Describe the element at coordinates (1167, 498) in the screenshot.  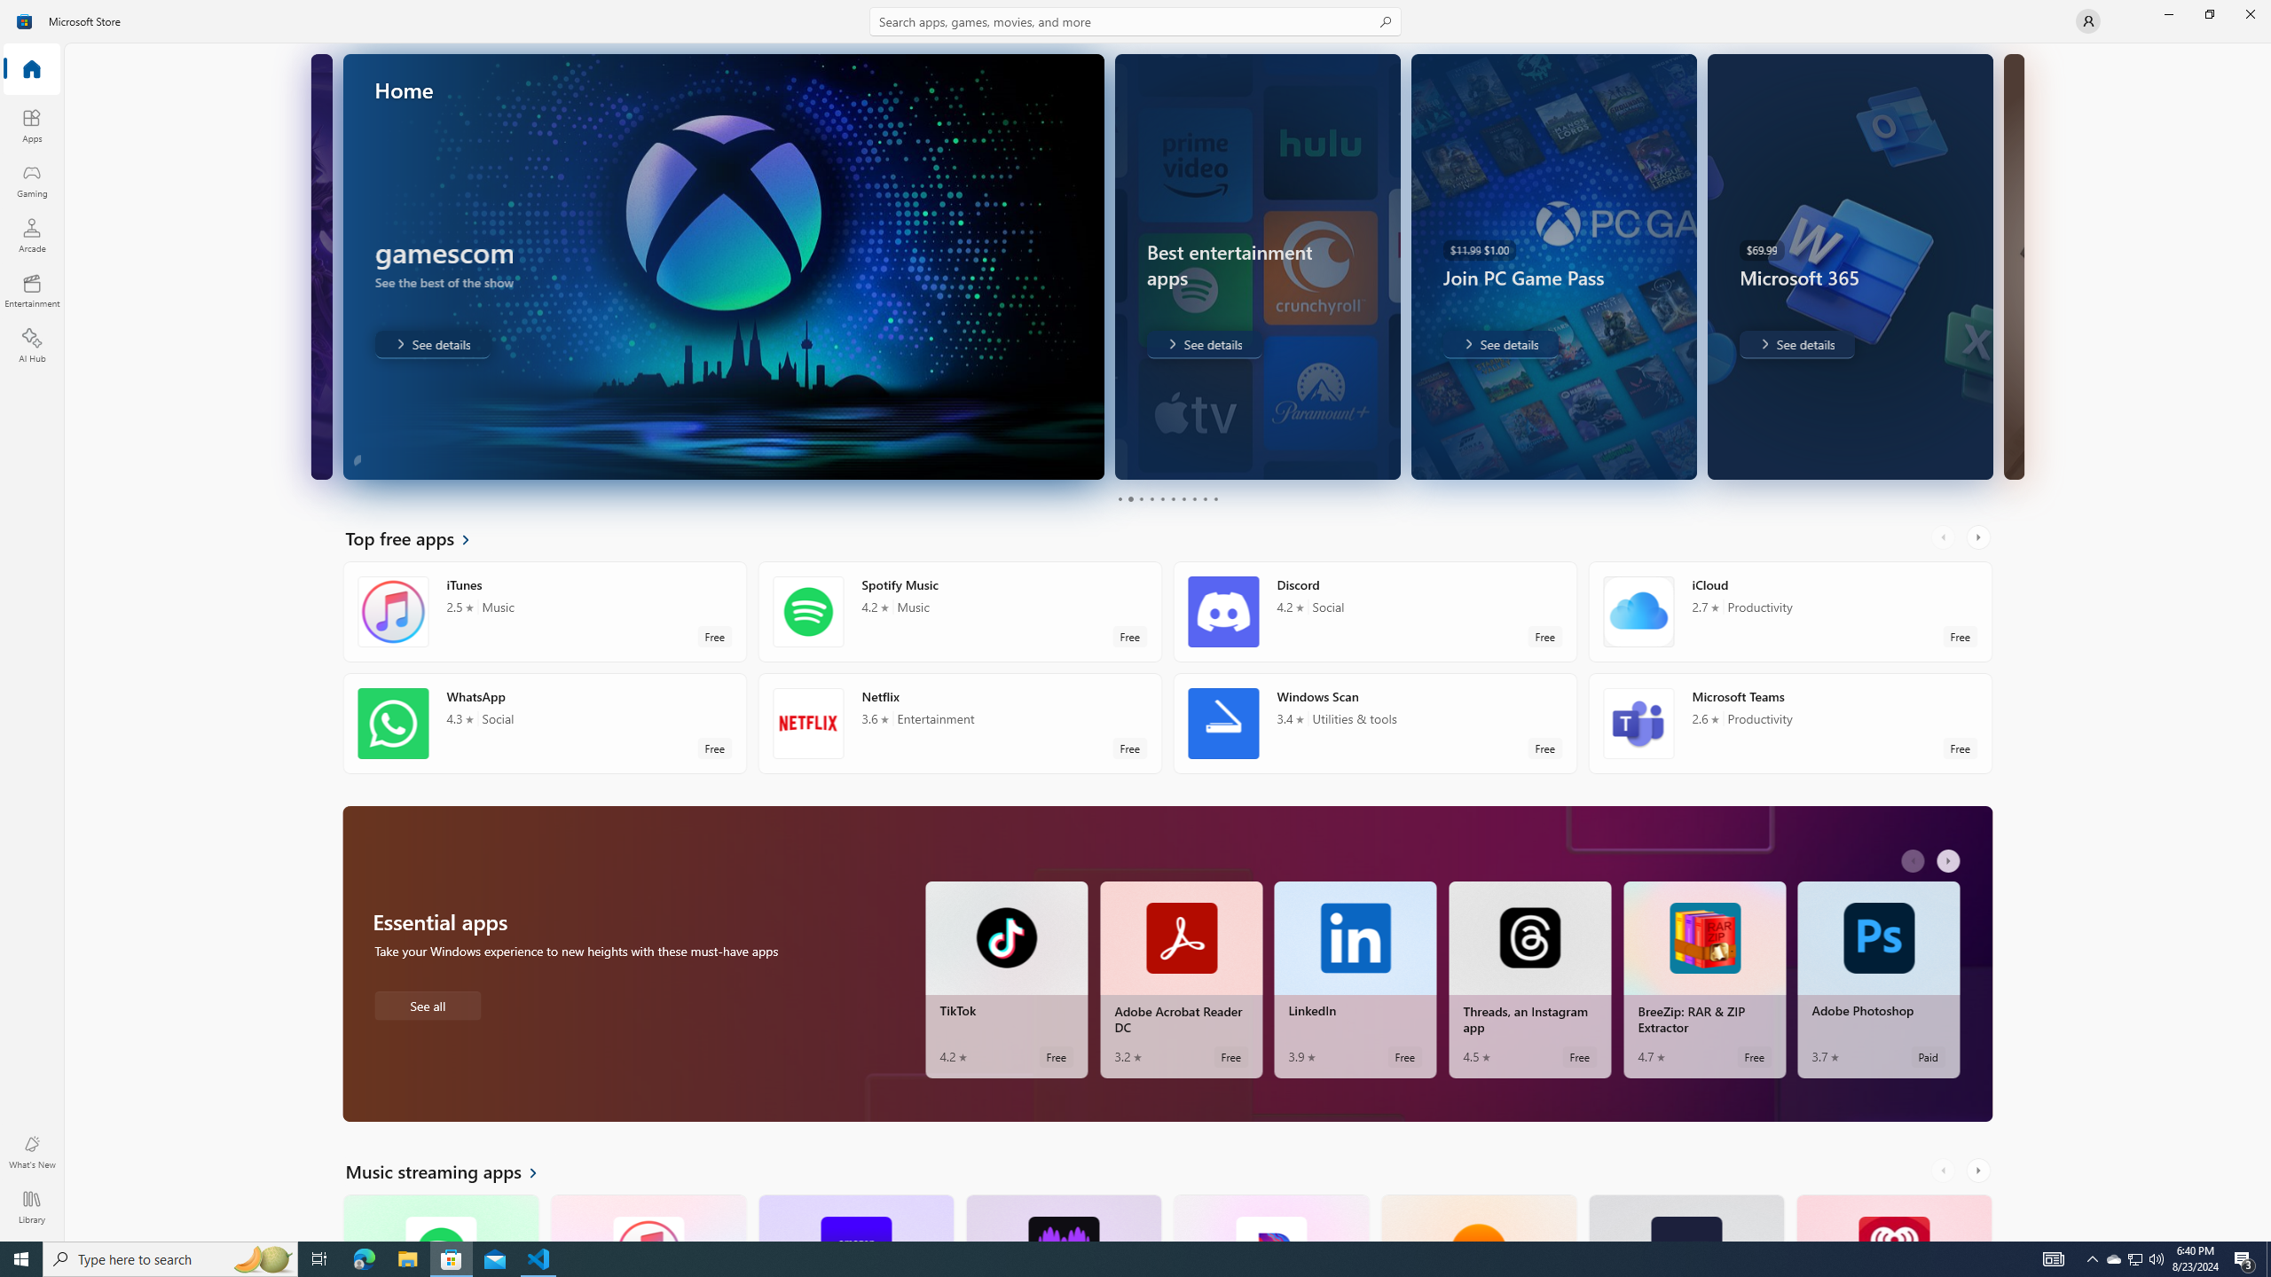
I see `'Pager'` at that location.